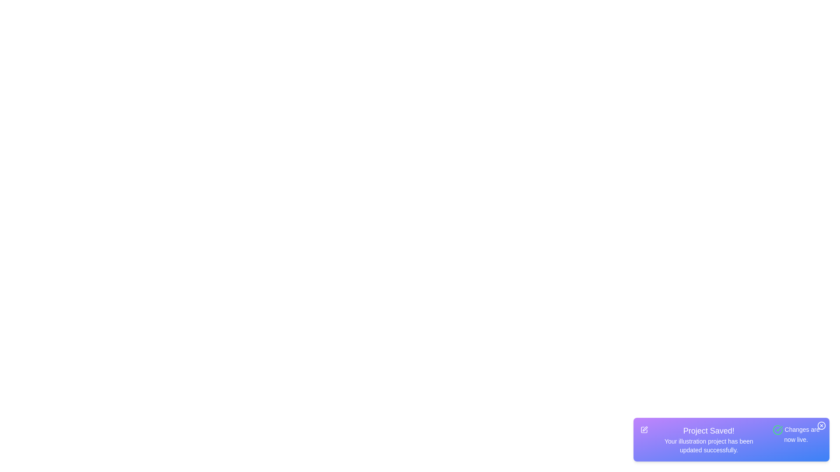 Image resolution: width=840 pixels, height=472 pixels. Describe the element at coordinates (709, 440) in the screenshot. I see `the text in the snackbar to interact with it` at that location.